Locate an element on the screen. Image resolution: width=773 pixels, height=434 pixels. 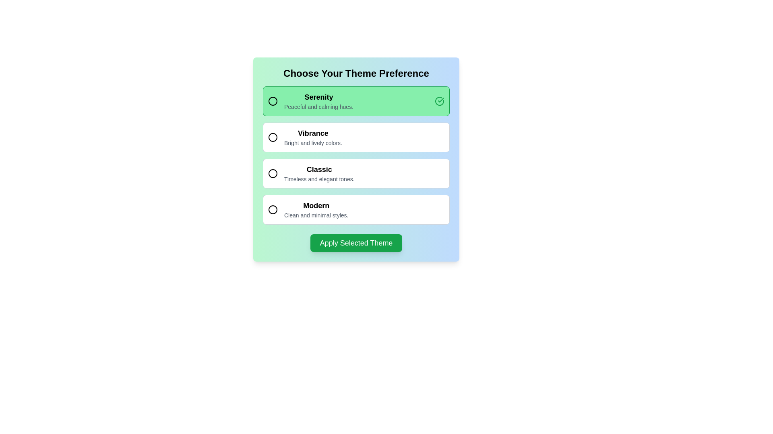
the 'Serenity' theme icon, which is the first option in the 'Choose Your Theme Preference' list is located at coordinates (273, 100).